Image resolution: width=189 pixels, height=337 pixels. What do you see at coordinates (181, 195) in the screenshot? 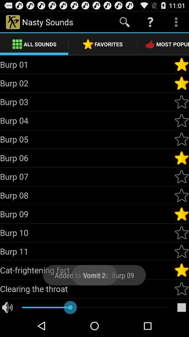
I see `the option` at bounding box center [181, 195].